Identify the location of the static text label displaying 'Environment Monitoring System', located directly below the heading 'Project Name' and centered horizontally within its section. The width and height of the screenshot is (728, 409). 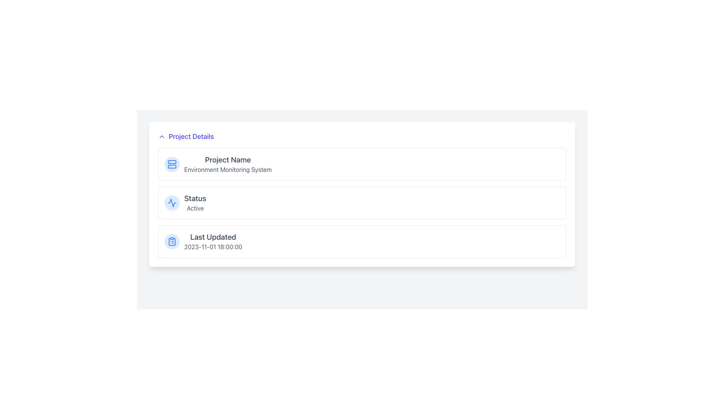
(227, 169).